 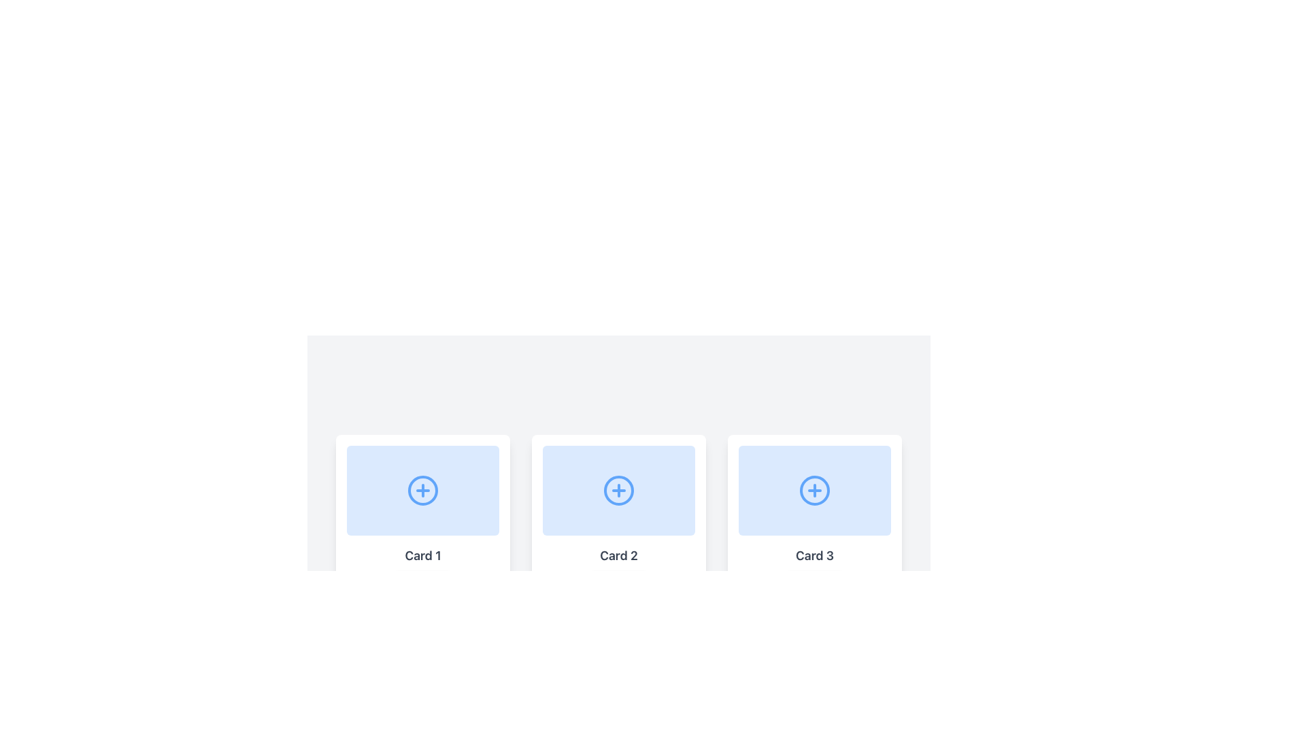 I want to click on the interactive icon button located in the center of the first blue card to invoke its functionality, so click(x=422, y=491).